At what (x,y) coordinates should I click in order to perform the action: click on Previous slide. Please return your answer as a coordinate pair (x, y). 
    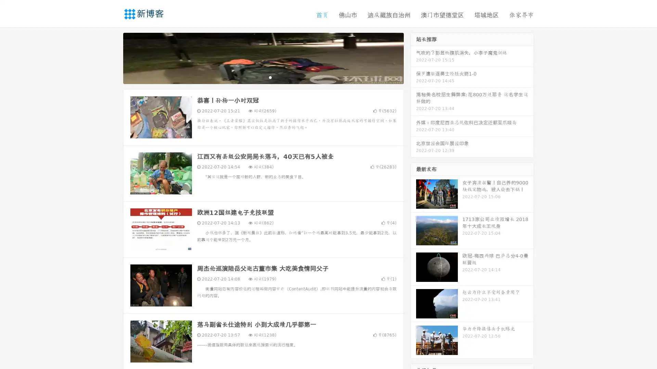
    Looking at the image, I should click on (113, 57).